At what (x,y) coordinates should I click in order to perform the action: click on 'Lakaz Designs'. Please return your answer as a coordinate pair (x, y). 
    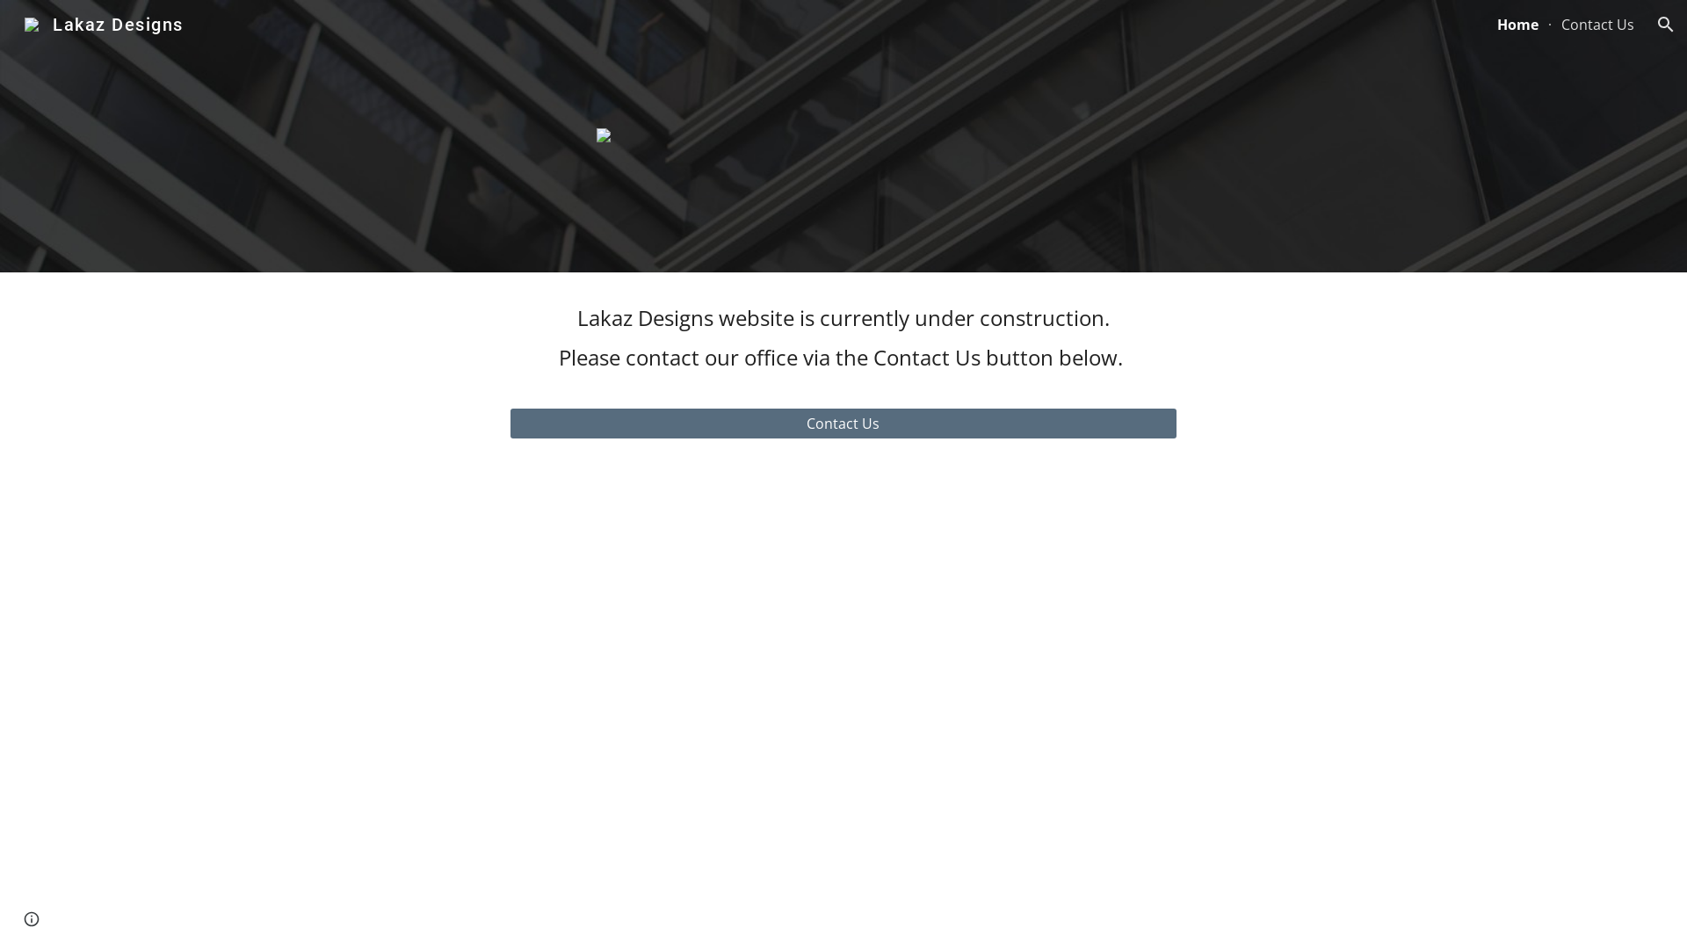
    Looking at the image, I should click on (103, 23).